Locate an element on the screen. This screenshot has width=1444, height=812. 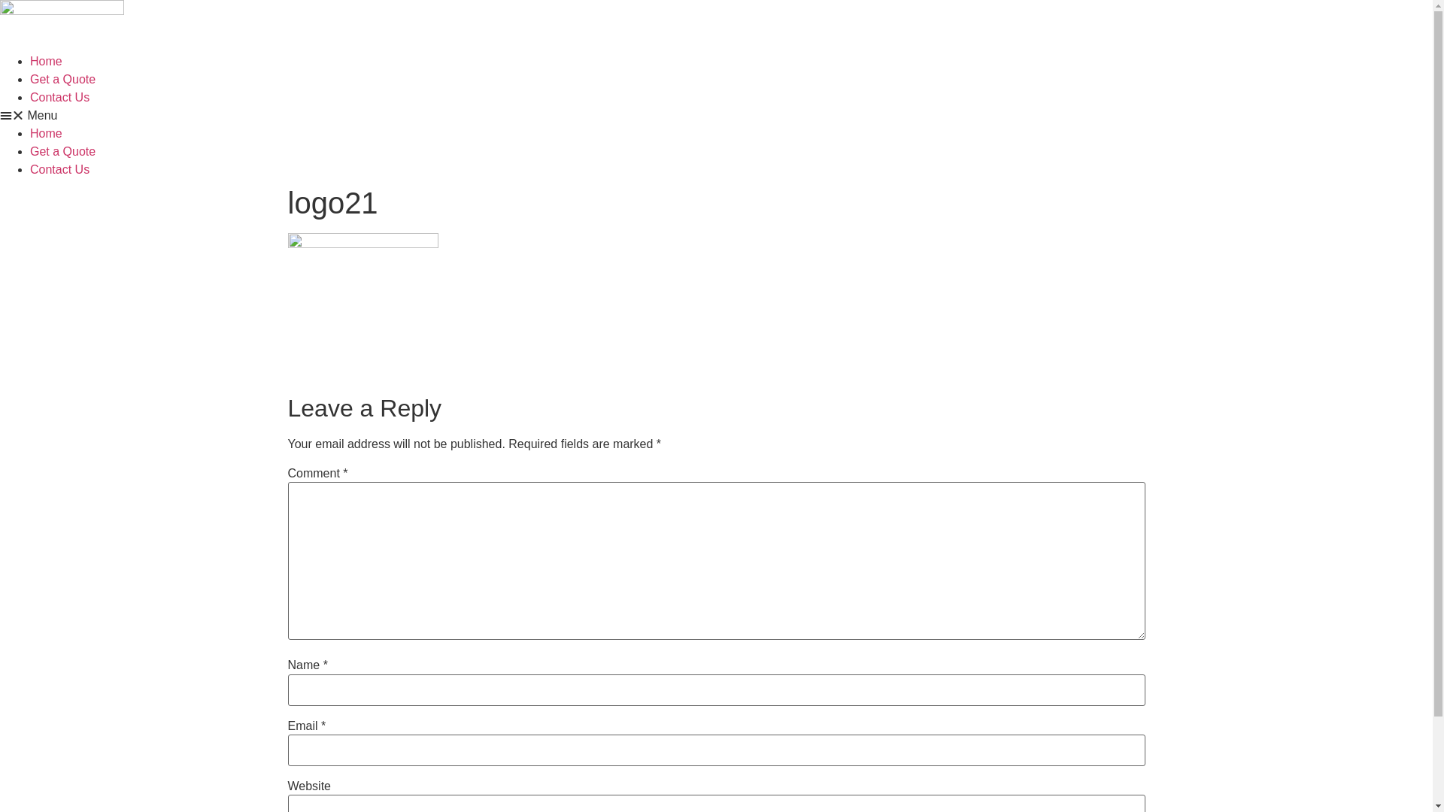
'Get a Quote' is located at coordinates (62, 79).